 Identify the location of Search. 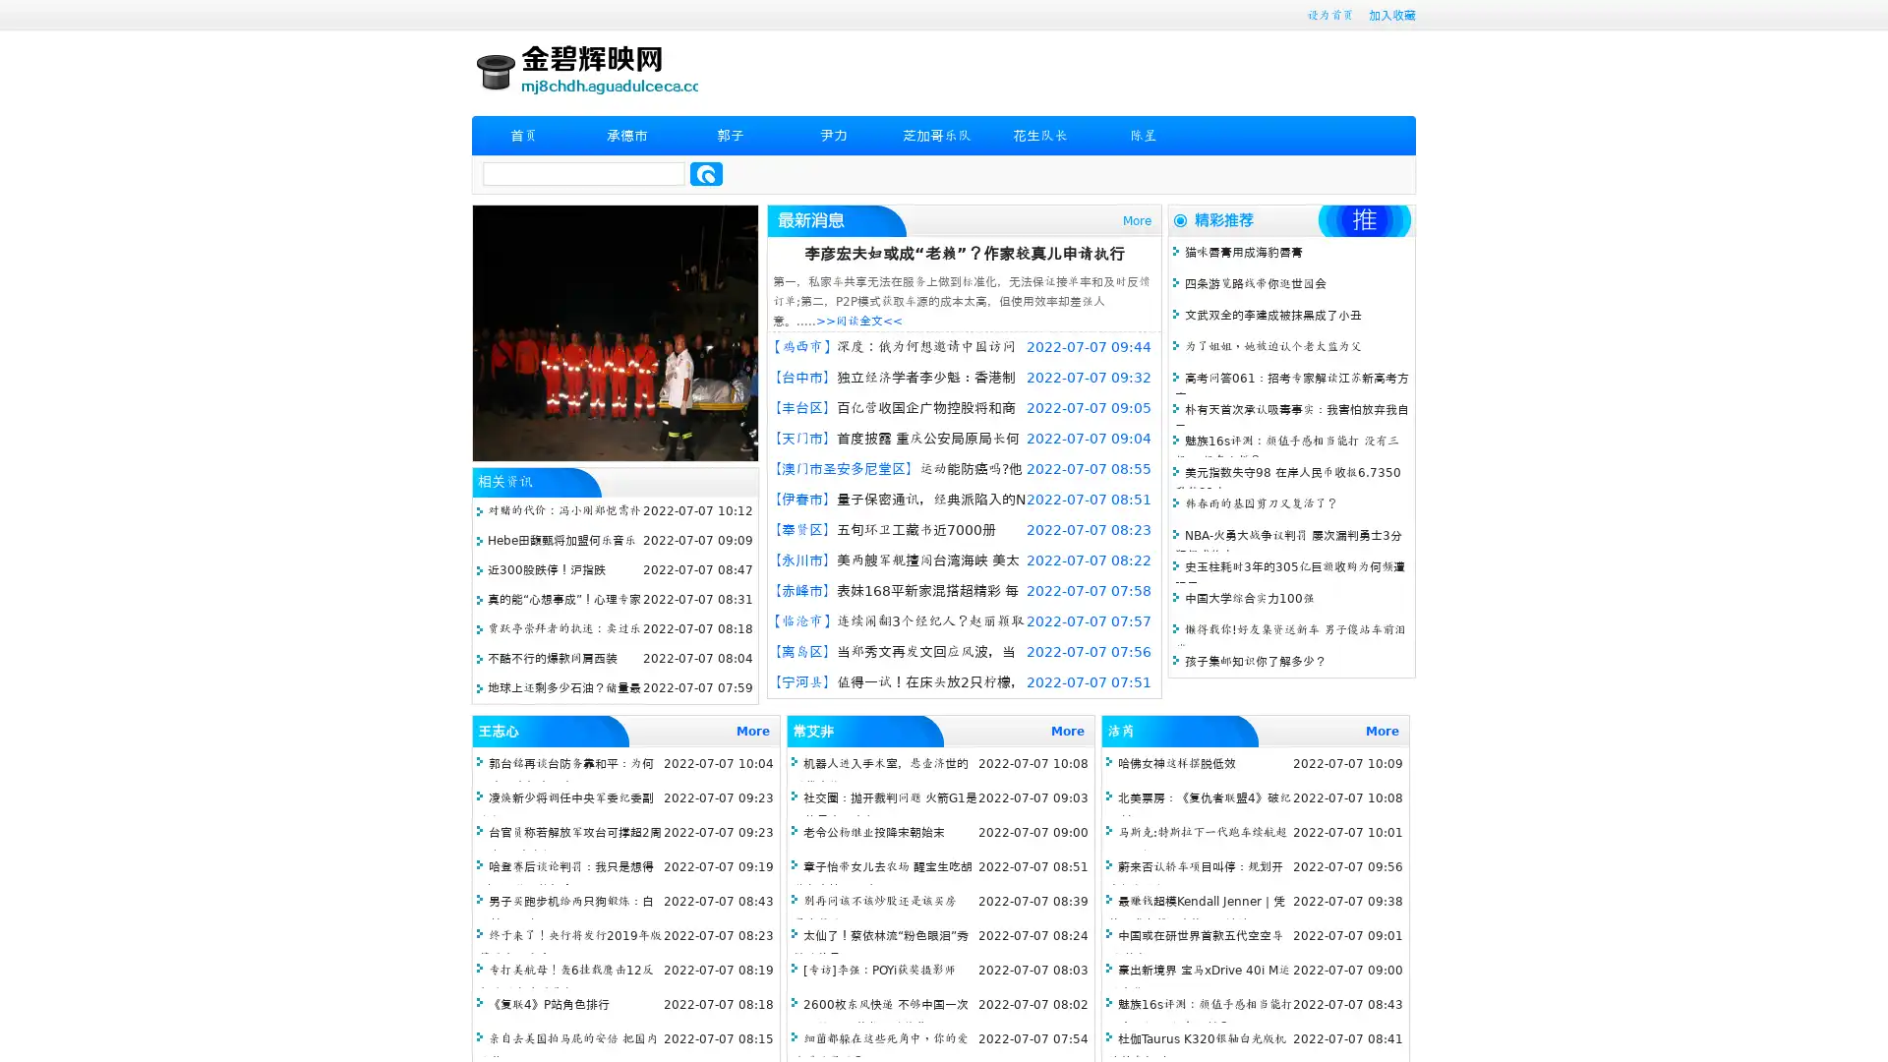
(706, 173).